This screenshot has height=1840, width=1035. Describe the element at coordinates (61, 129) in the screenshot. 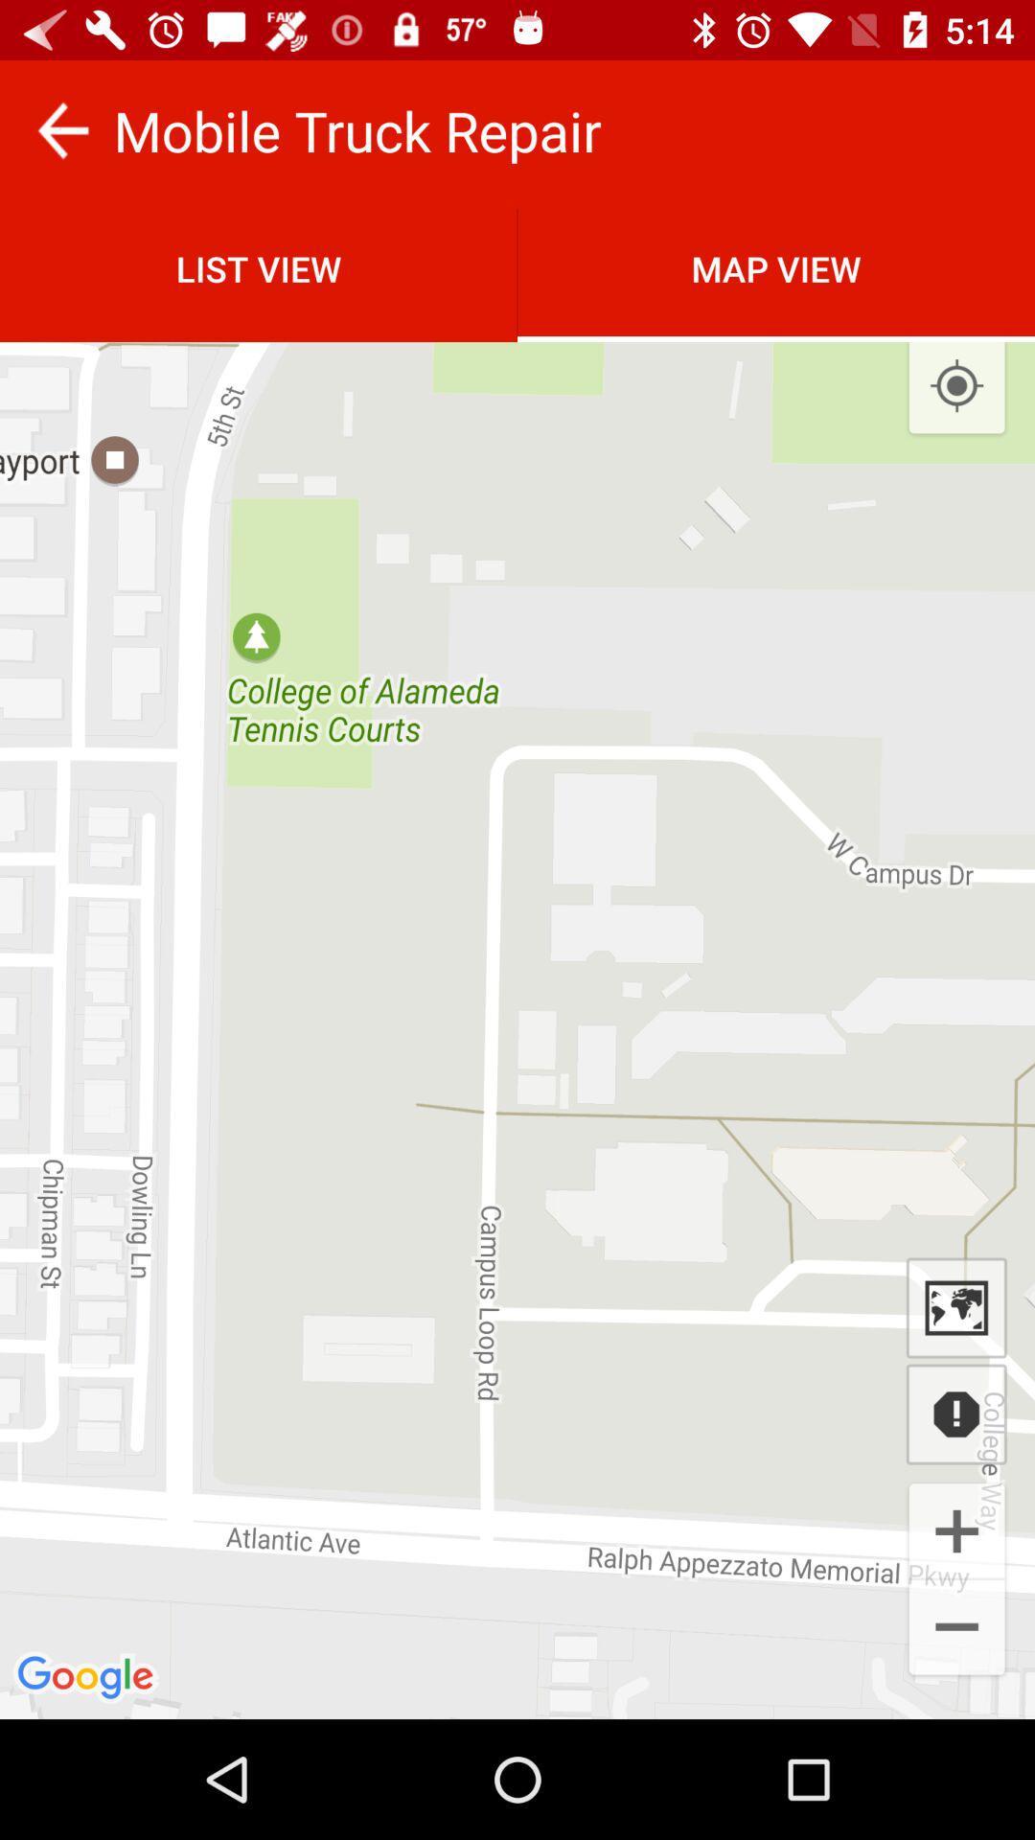

I see `previous screen` at that location.